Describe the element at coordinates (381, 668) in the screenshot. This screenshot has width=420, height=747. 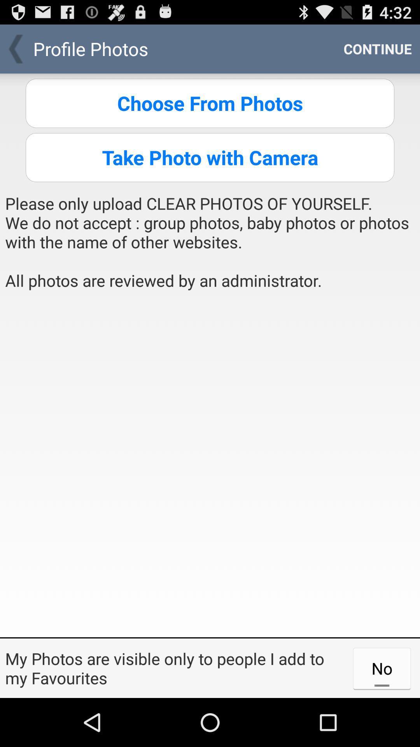
I see `the no icon` at that location.